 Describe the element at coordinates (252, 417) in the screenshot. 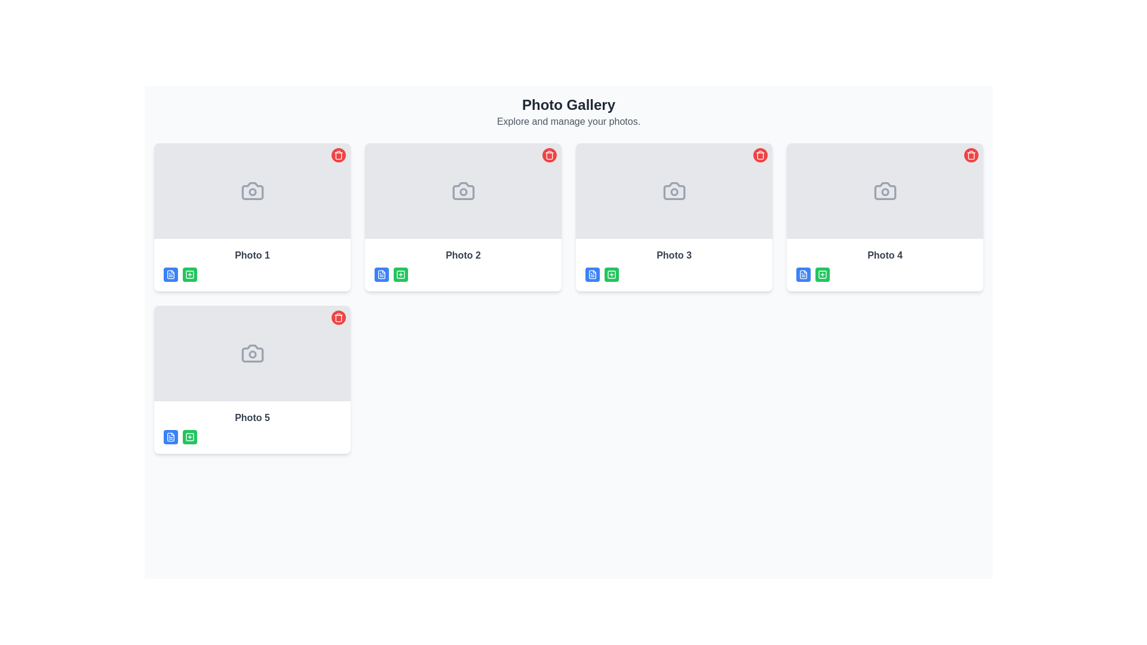

I see `the text label 'Photo 5' located at the bottom section of the fifth card layout in the photo gallery` at that location.